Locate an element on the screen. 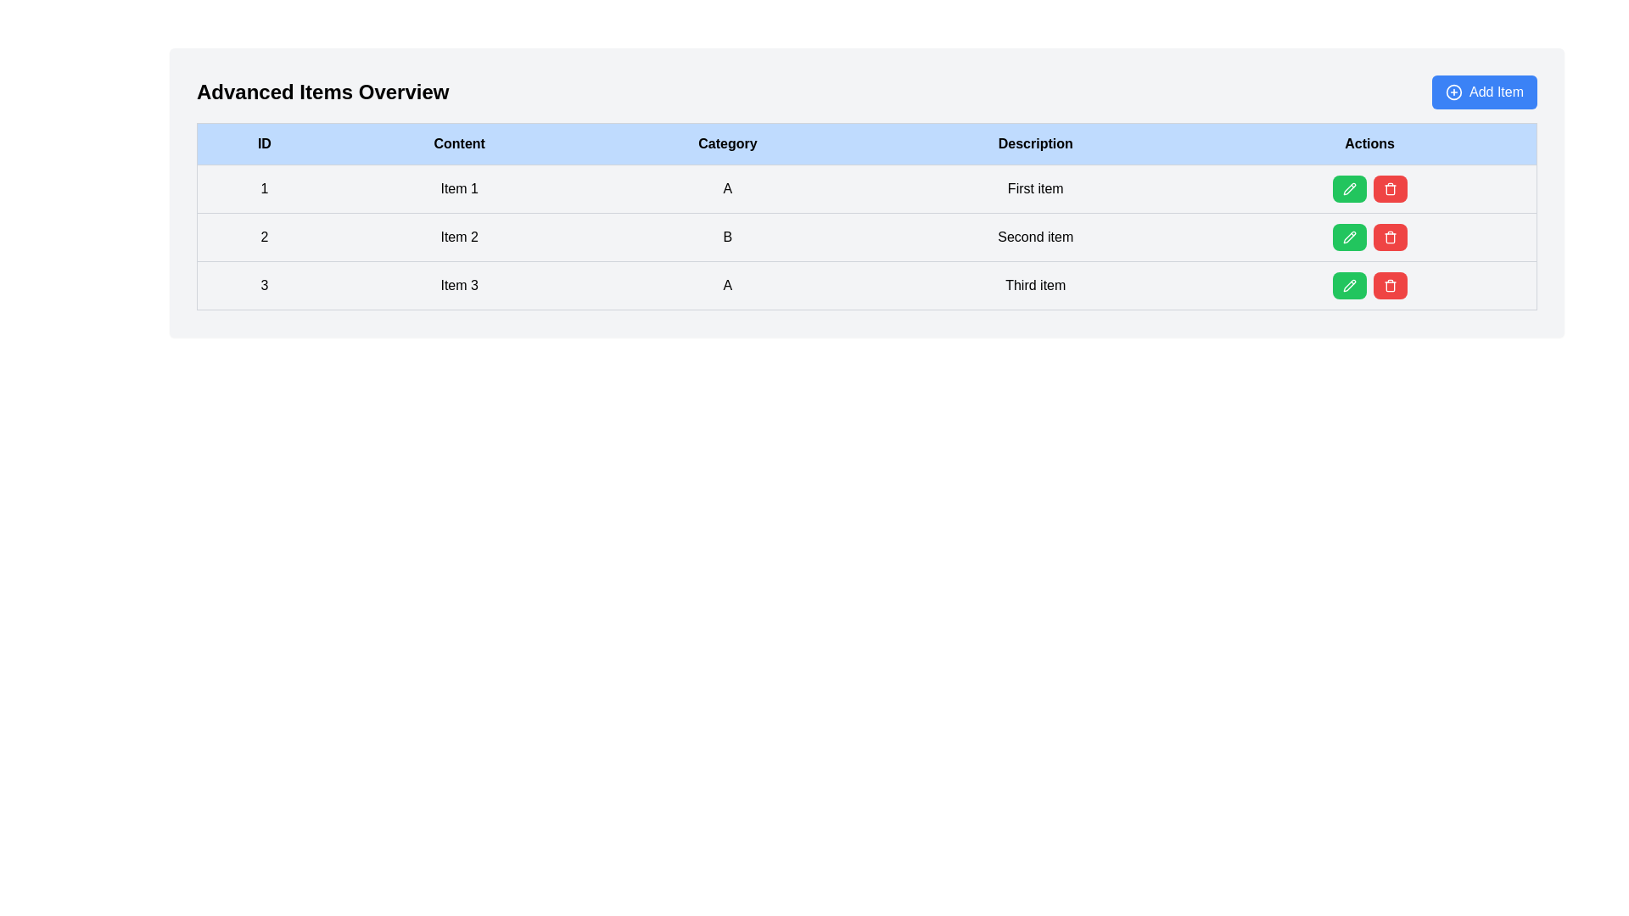 The width and height of the screenshot is (1629, 916). the third row in the table which contains the ID '3', the content 'Item 3', the category 'A', and the description 'Third item' is located at coordinates (867, 284).